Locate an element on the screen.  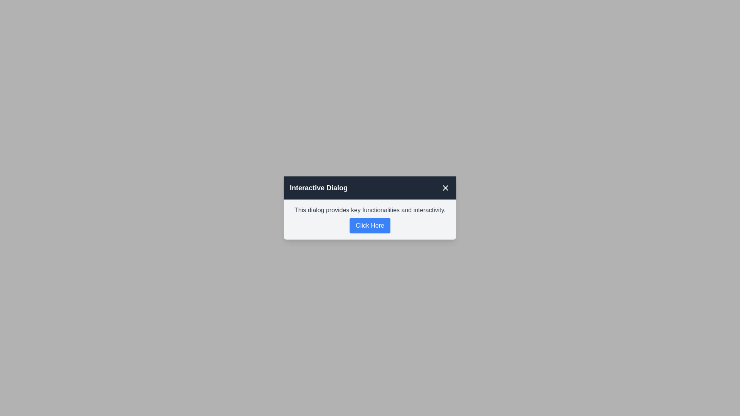
the close button in the top-right corner of the dialog is located at coordinates (446, 188).